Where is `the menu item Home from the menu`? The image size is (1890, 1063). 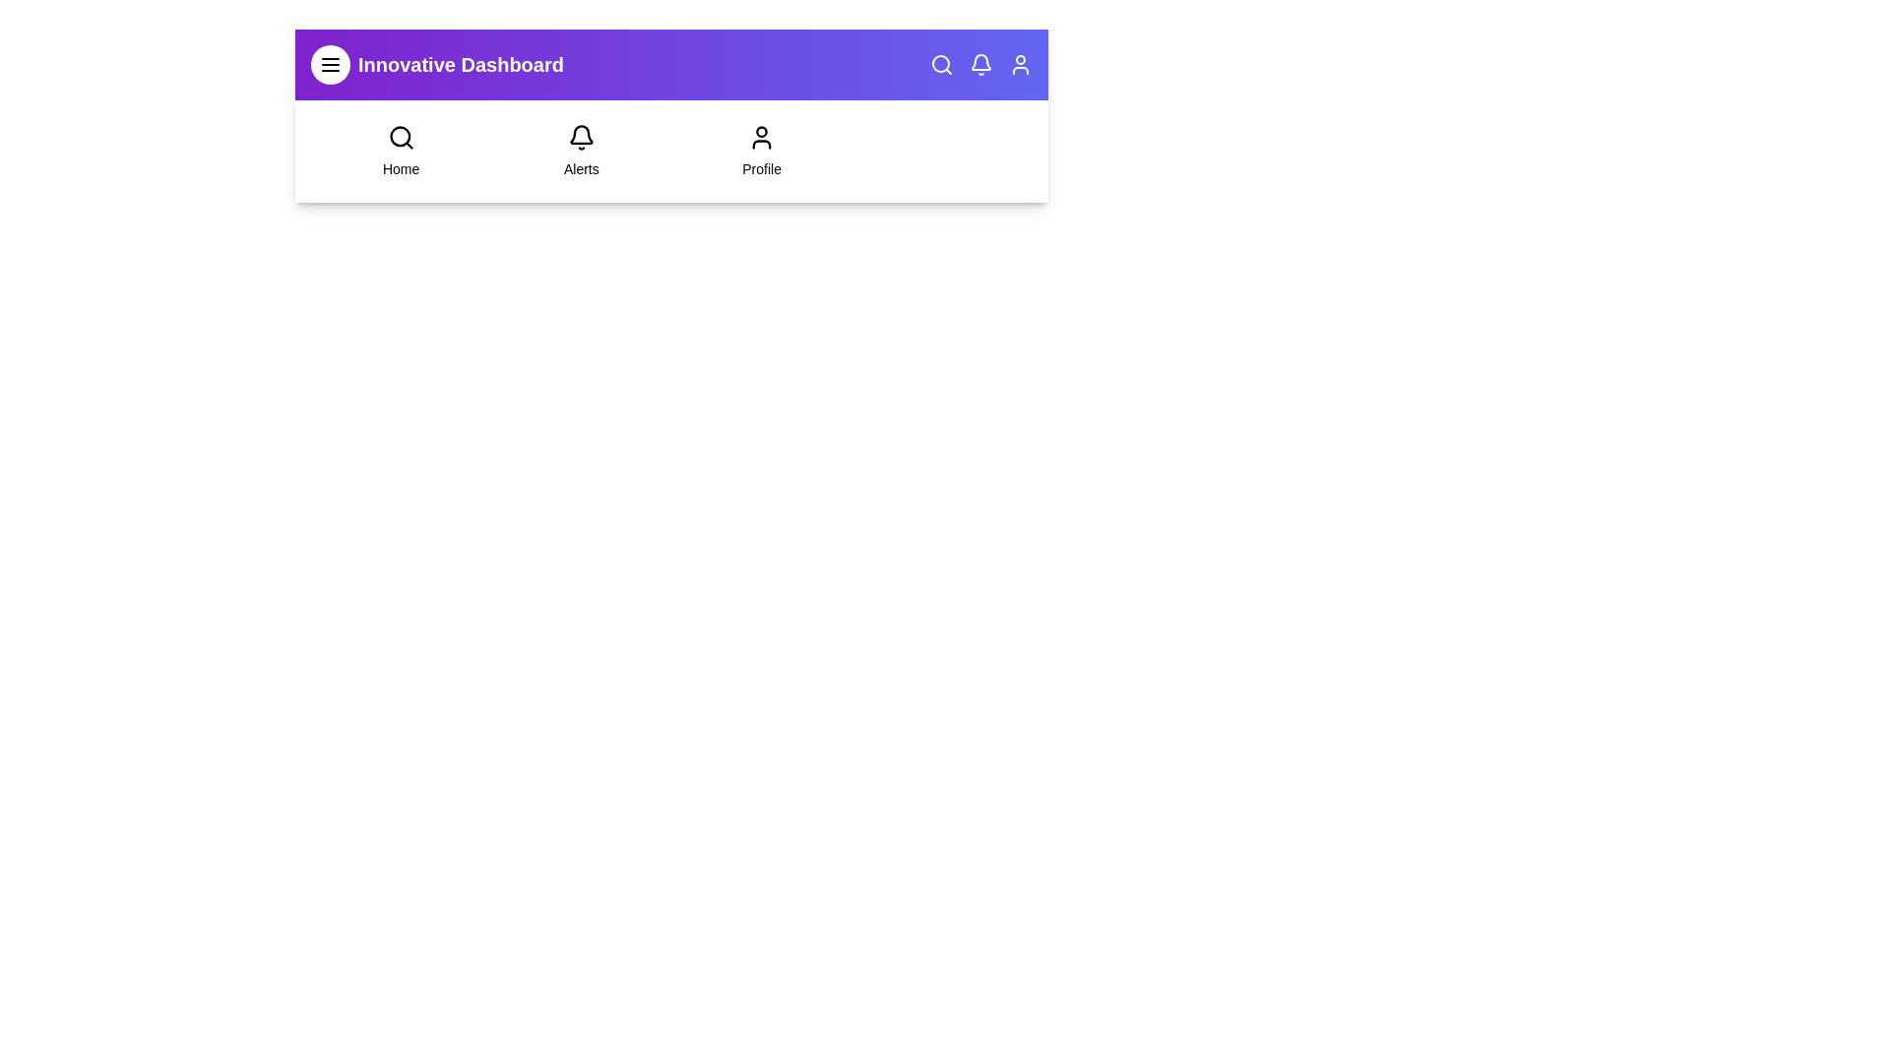 the menu item Home from the menu is located at coordinates (400, 151).